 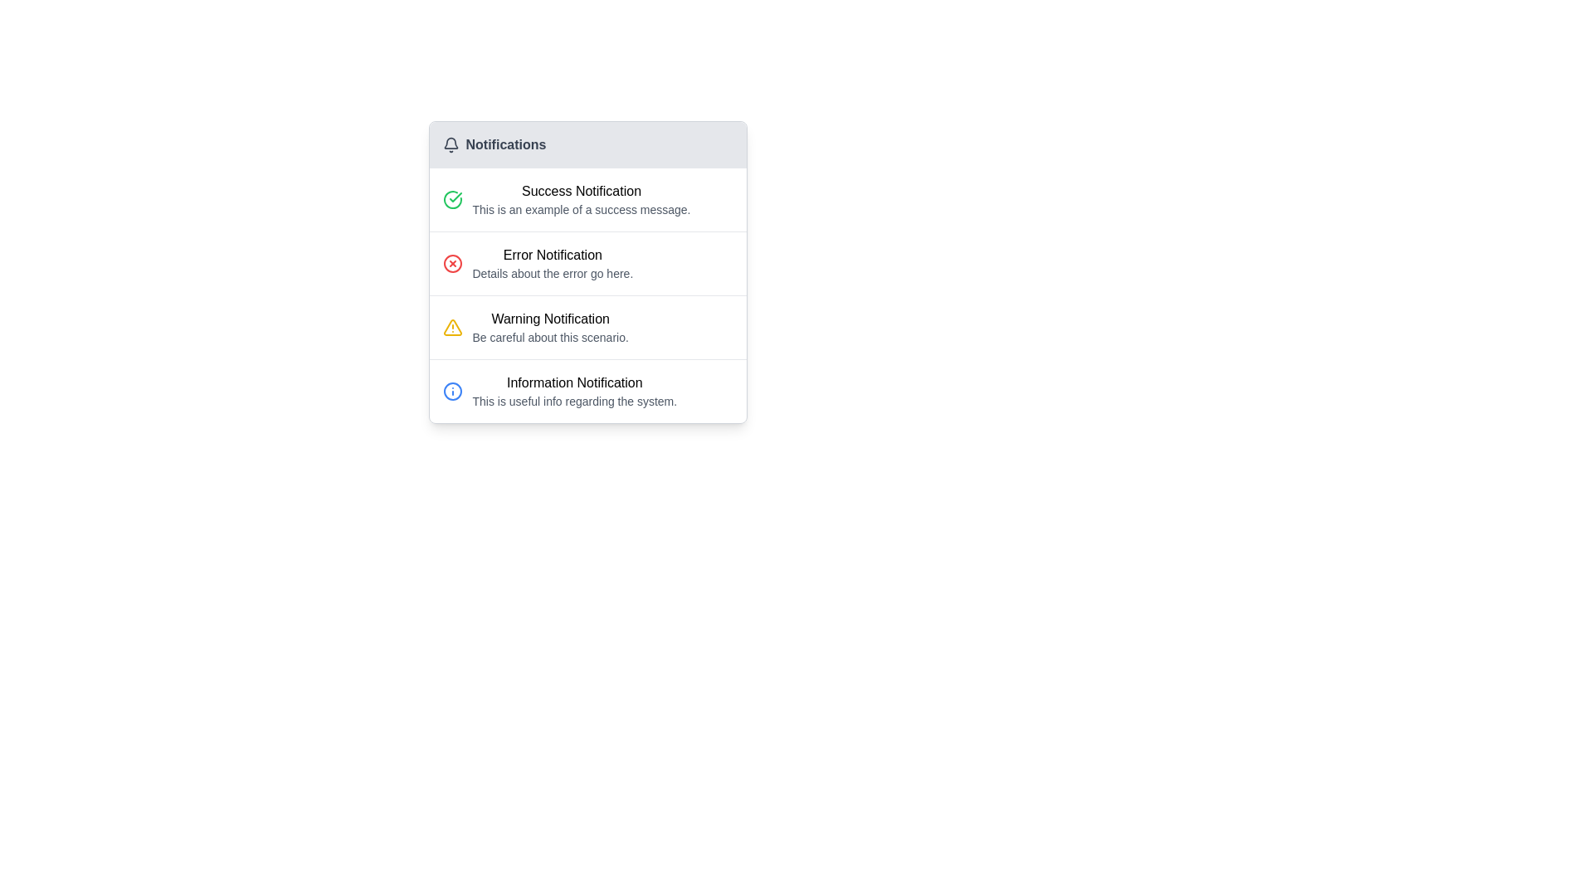 I want to click on the yellow triangular warning icon located to the left of the 'Warning Notification' text, so click(x=452, y=327).